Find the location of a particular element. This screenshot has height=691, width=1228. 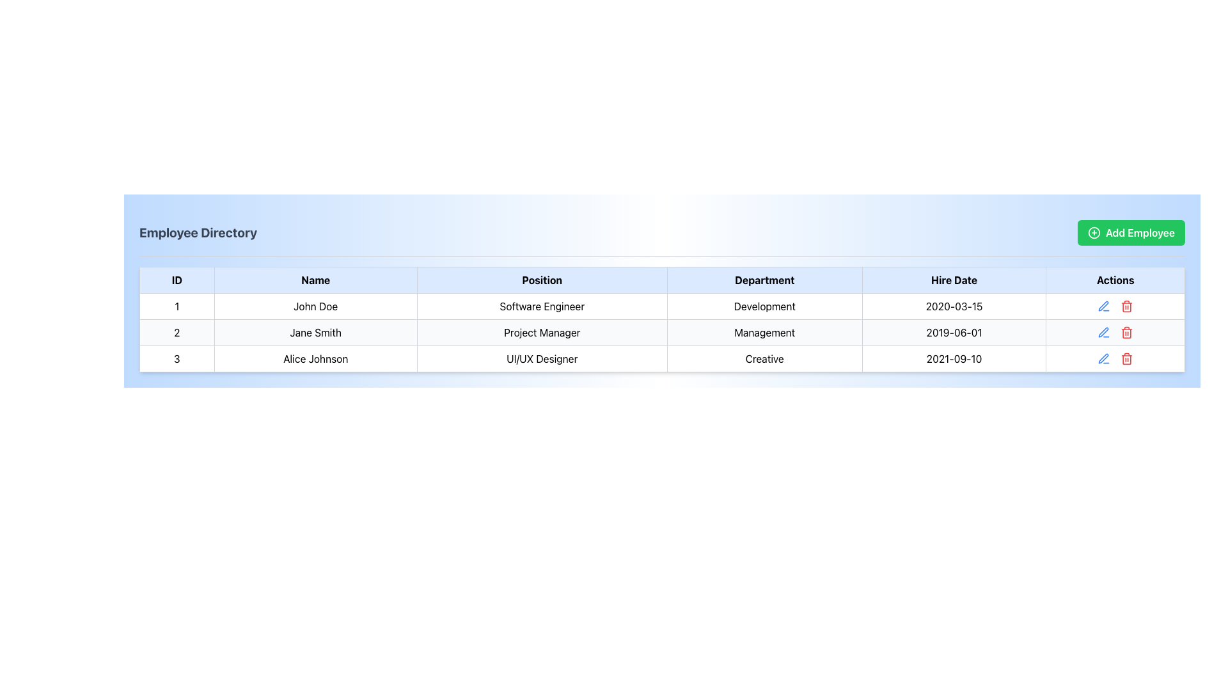

the table cell displaying the position 'Project Manager' for 'Jane Smith' located in the third column of the second row is located at coordinates (542, 332).